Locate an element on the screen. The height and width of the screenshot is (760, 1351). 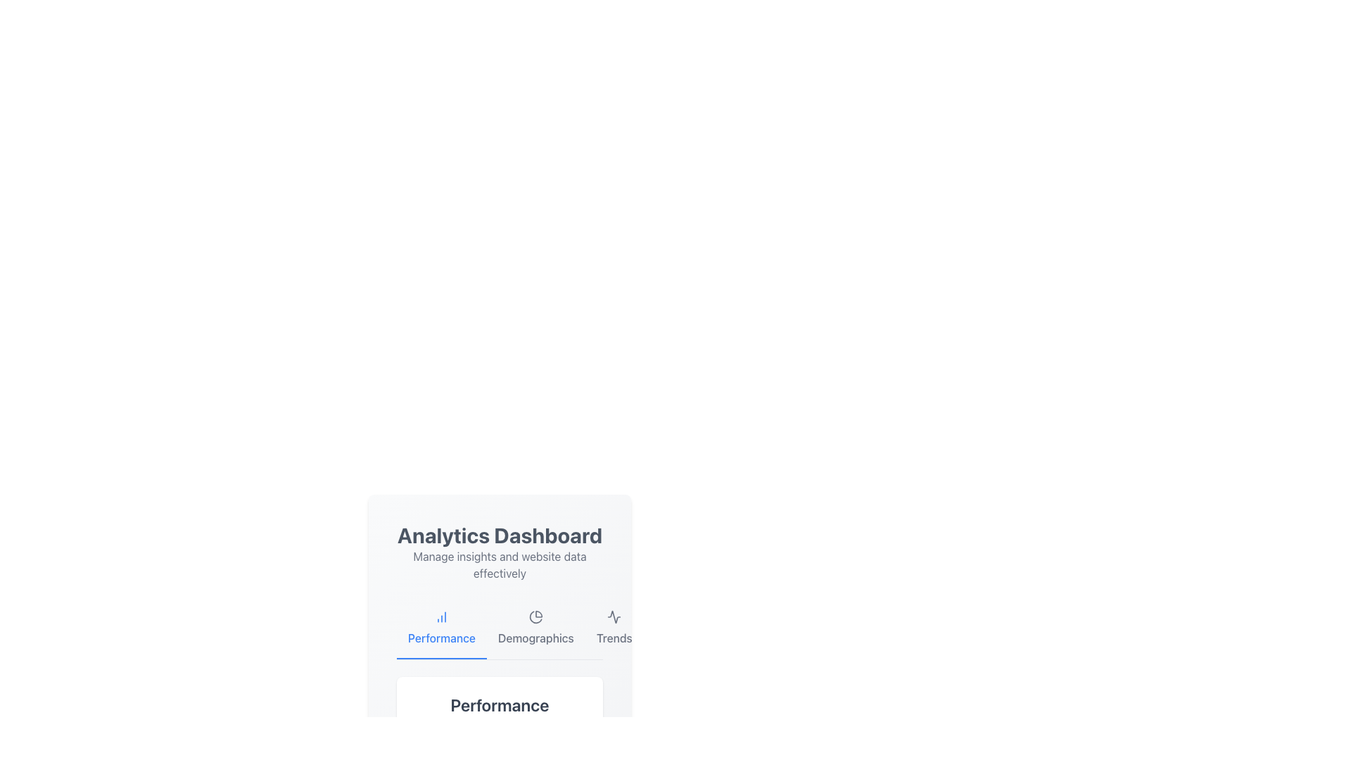
text from the 'Performance' text label, which is styled with a medium font weight and colored blue, located below the chart icon in the user interface is located at coordinates (441, 638).